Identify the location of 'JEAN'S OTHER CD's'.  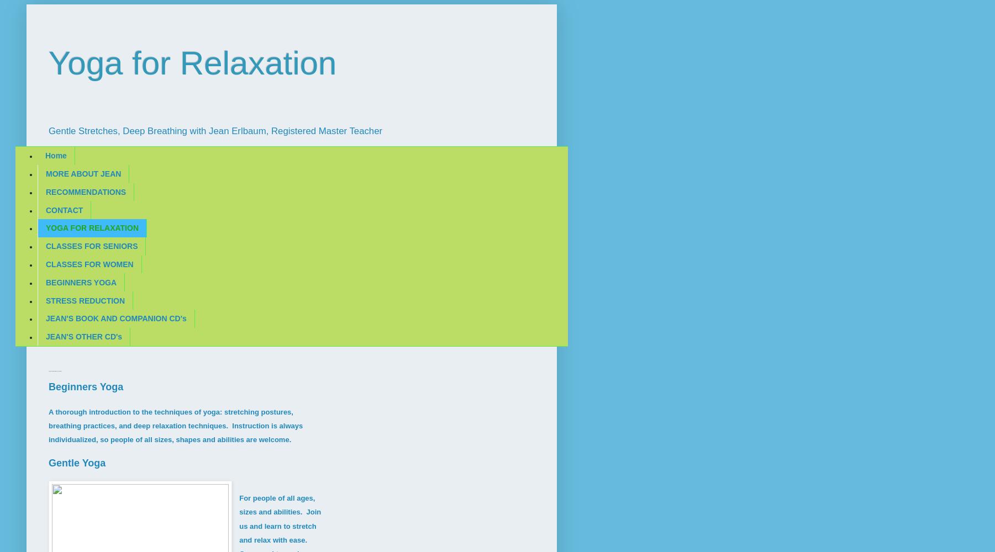
(84, 336).